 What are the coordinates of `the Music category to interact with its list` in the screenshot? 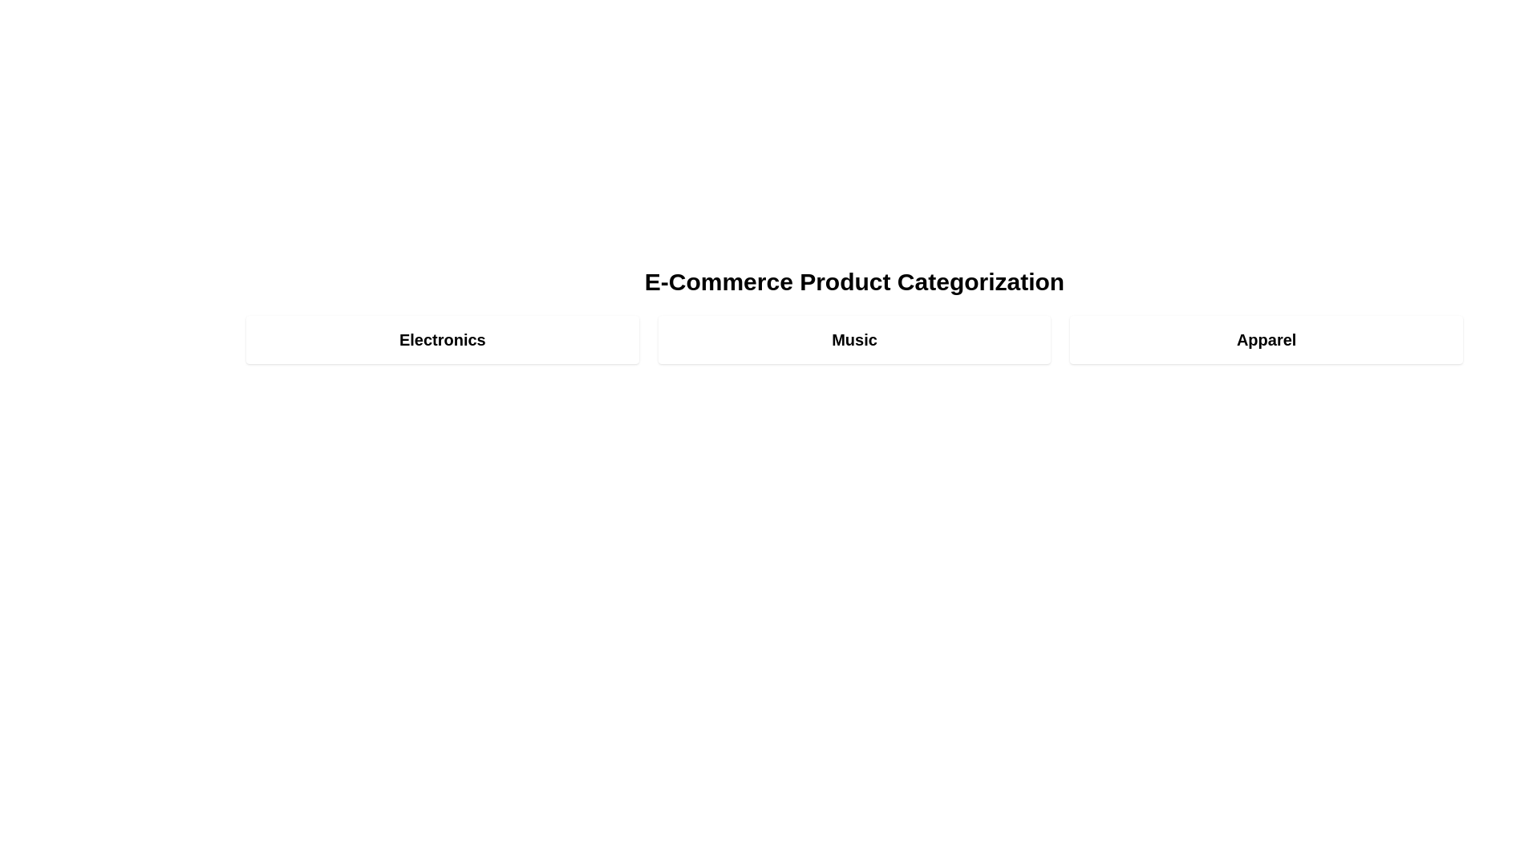 It's located at (853, 339).